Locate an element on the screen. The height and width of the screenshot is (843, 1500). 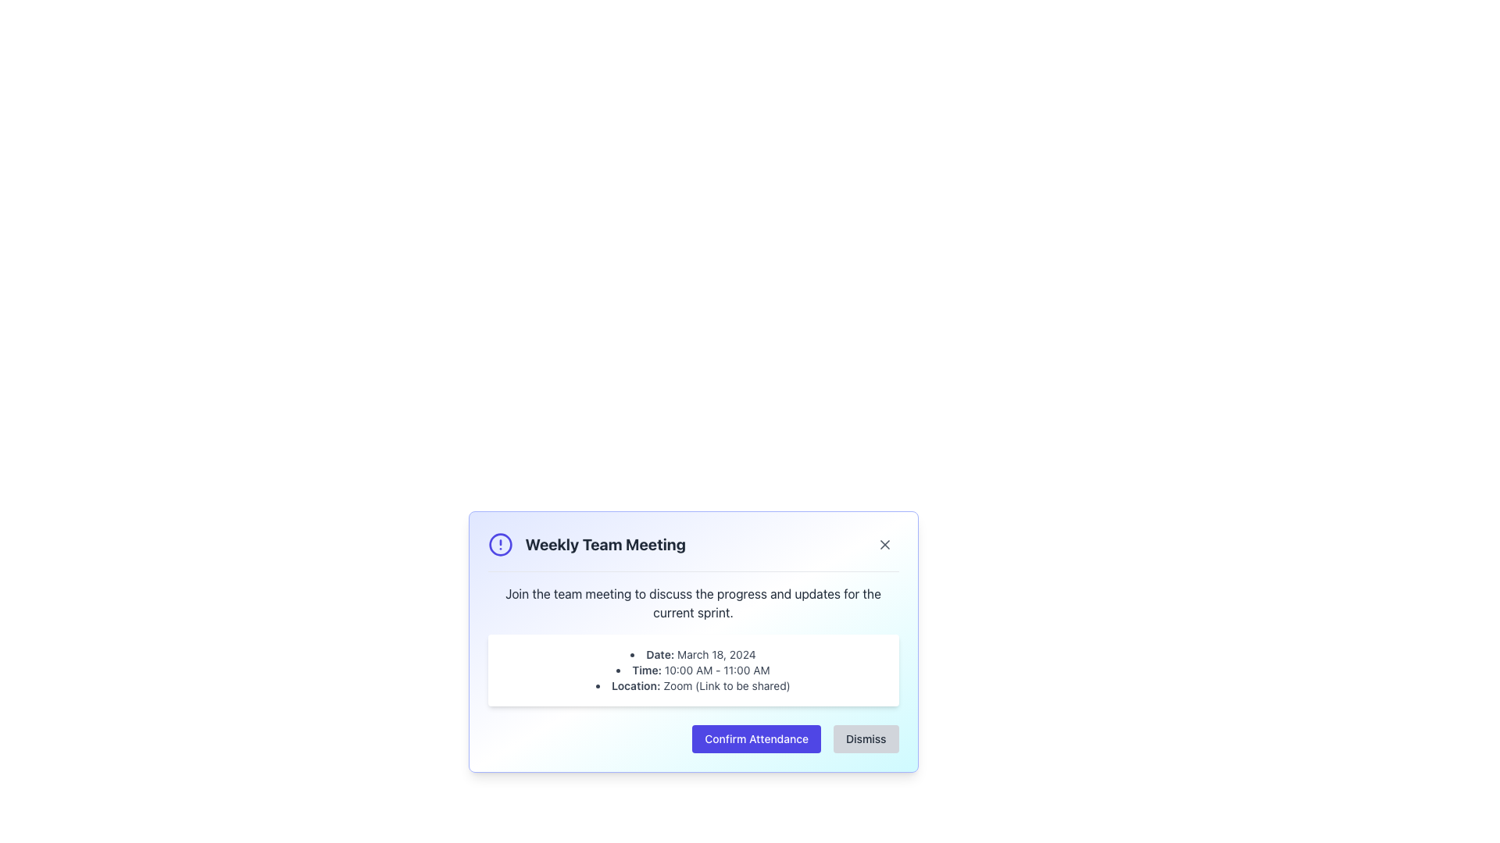
information provided in the third line of the bulleted list under the section header 'Weekly Team Meeting', which indicates the meeting will take place via Zoom and that a link will be shared is located at coordinates (692, 685).